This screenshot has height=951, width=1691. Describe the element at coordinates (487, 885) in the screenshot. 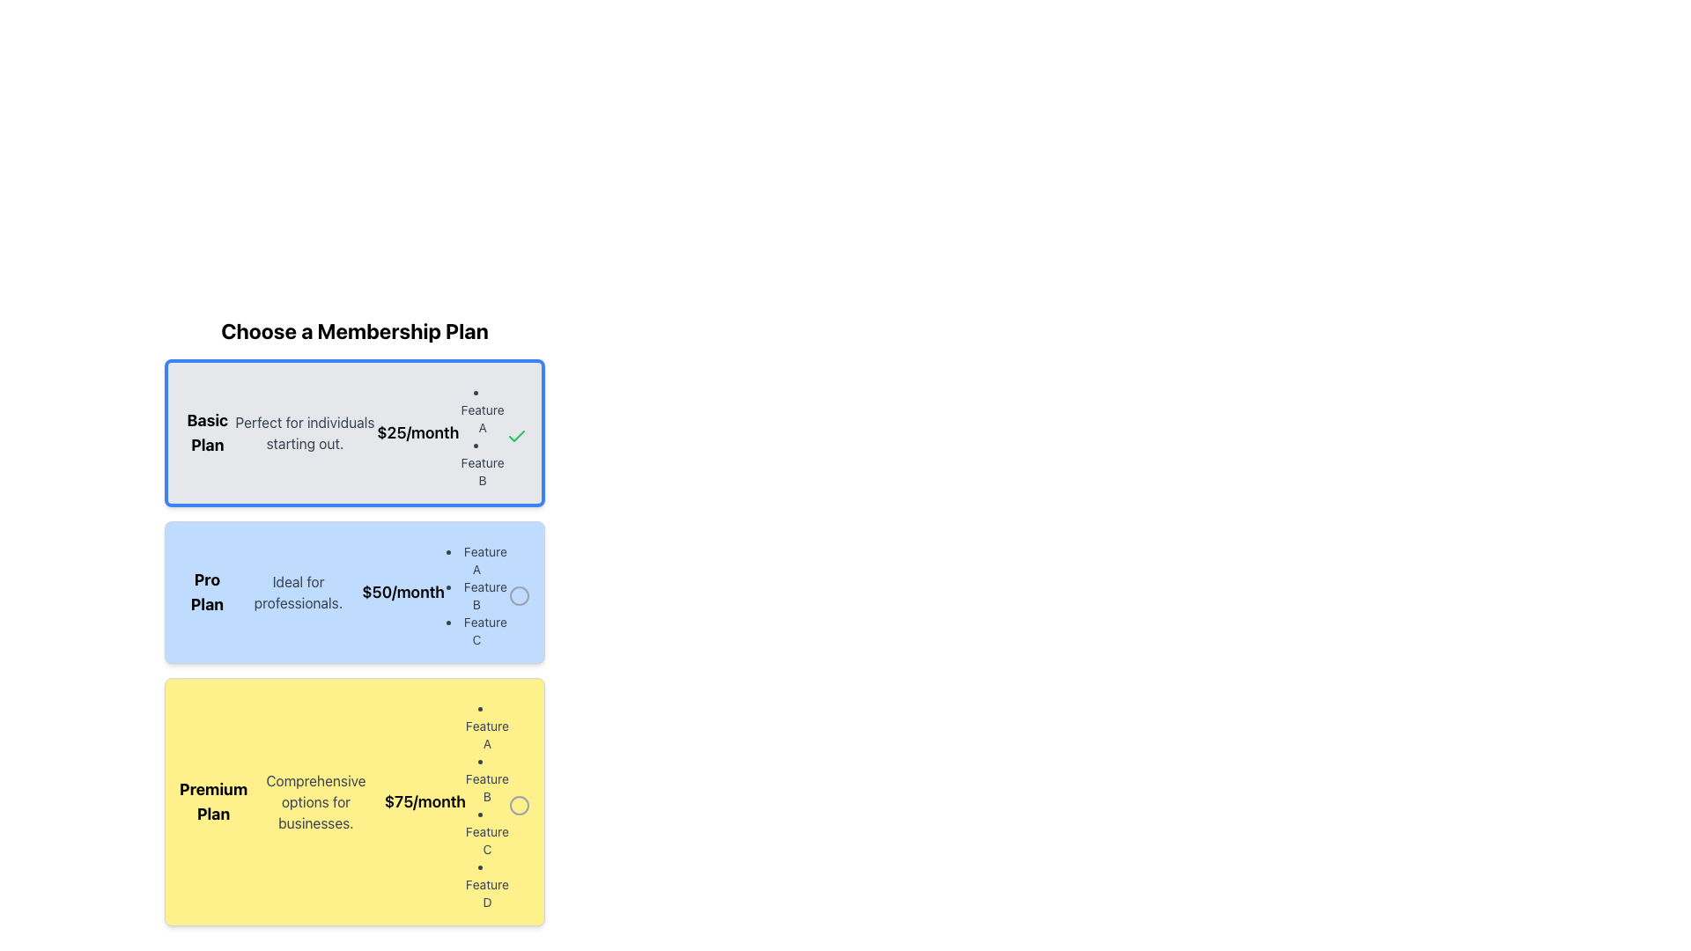

I see `the text label 'Feature D' which is the fourth item in a bulleted list within the 'Premium Plan' section, indicated by its black text on a yellow background` at that location.